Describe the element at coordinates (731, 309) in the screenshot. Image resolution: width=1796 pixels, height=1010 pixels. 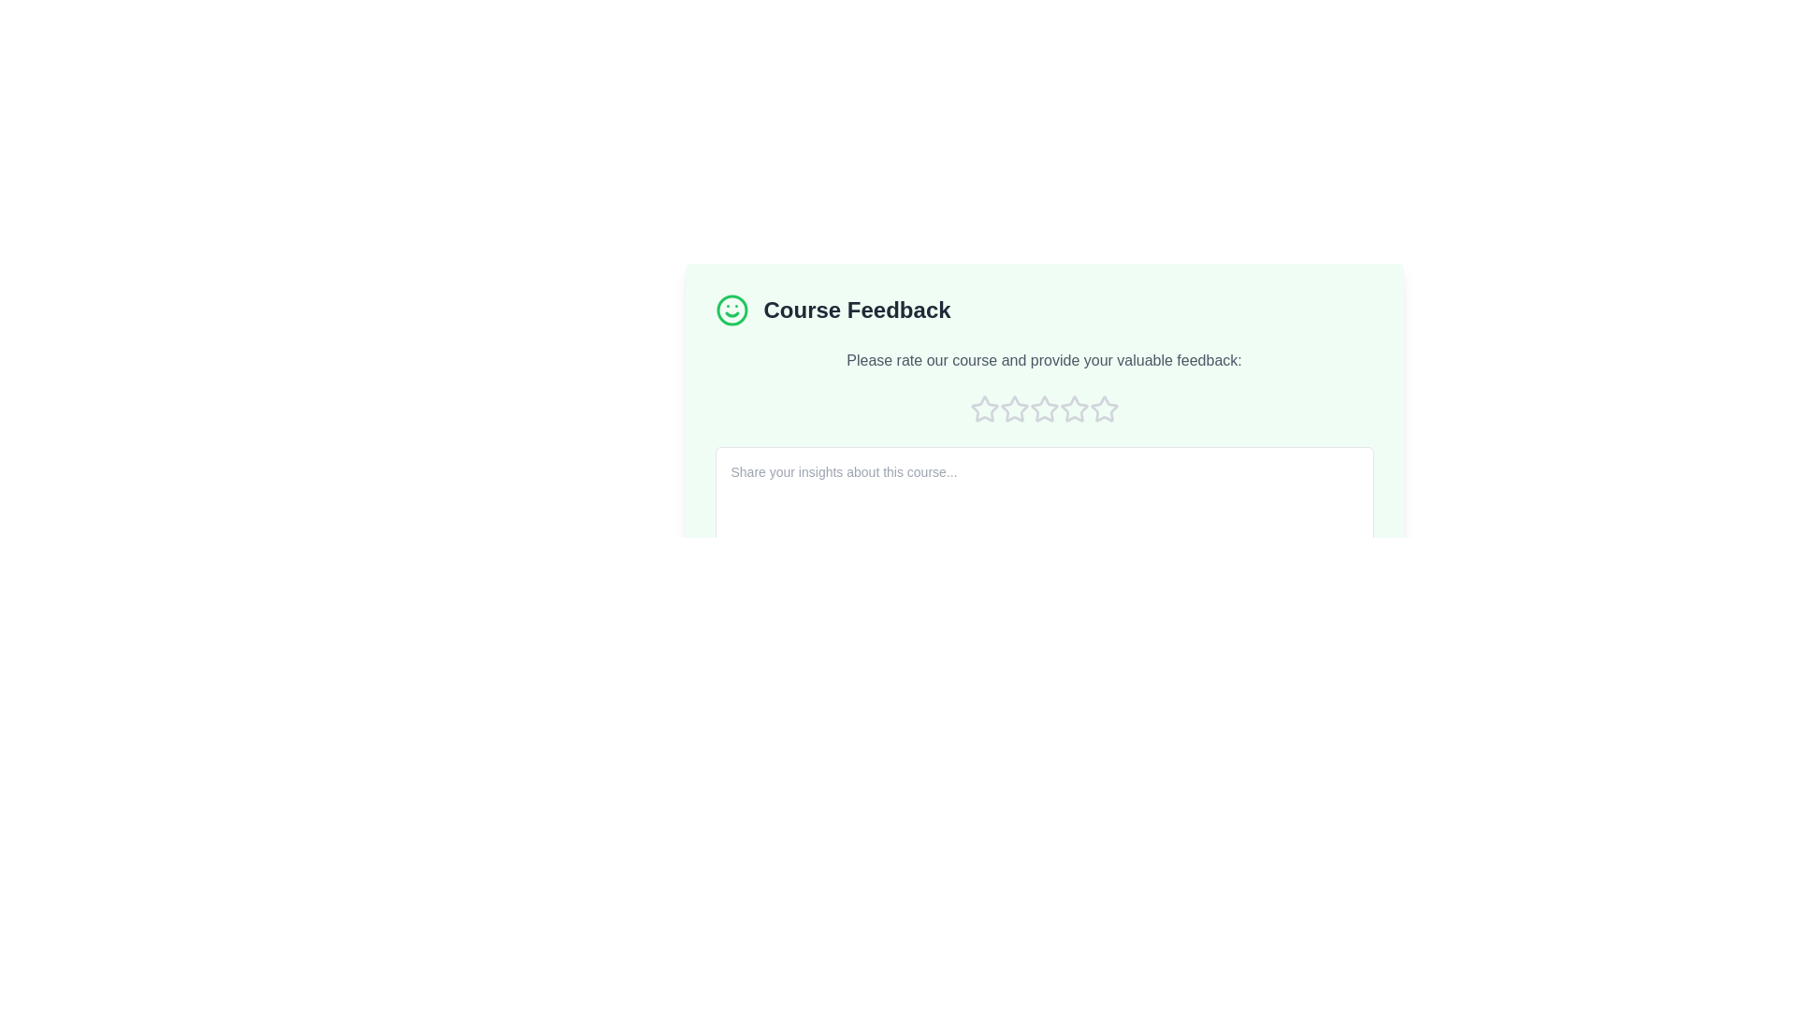
I see `the circular SVG element located at the center of the green-outlined smiley face icon next to the 'Course Feedback' header` at that location.